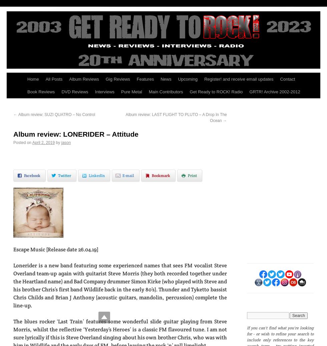  Describe the element at coordinates (58, 142) in the screenshot. I see `'by'` at that location.